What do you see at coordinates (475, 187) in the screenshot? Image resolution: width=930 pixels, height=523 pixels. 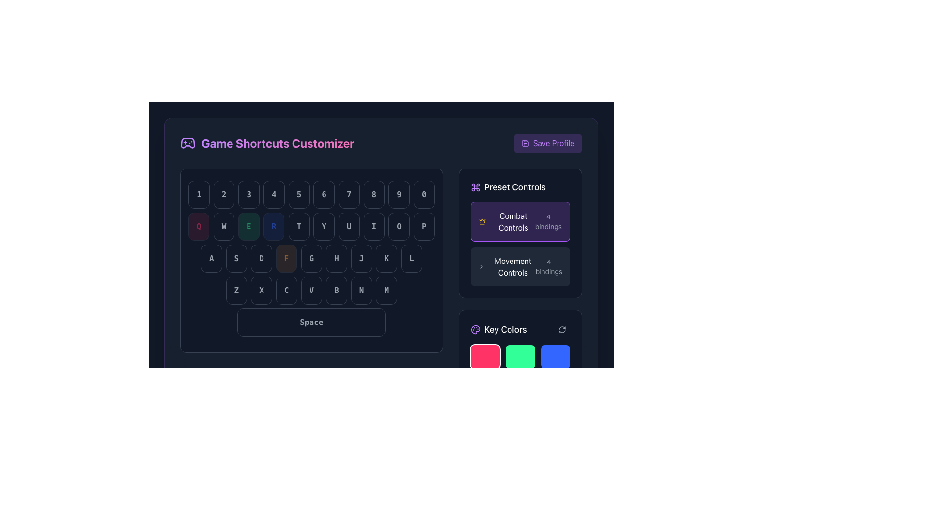 I see `the command key icon in the 'Key Colors' section, which is styled in light purple against a dark background, to analyze its graphical information` at bounding box center [475, 187].